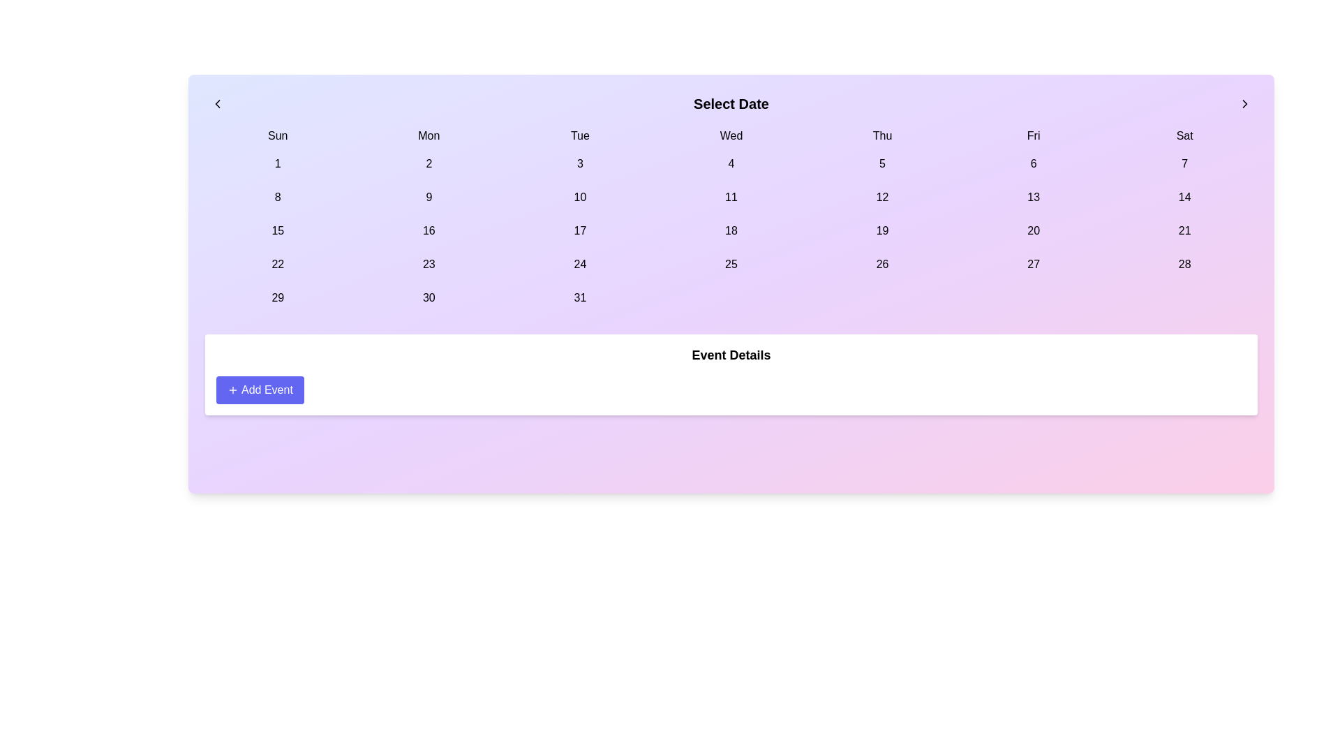 The image size is (1340, 754). What do you see at coordinates (217, 103) in the screenshot?
I see `the leftward-pointing chevron icon in the upper-left corner of the interface using keyboard controls to focus on it` at bounding box center [217, 103].